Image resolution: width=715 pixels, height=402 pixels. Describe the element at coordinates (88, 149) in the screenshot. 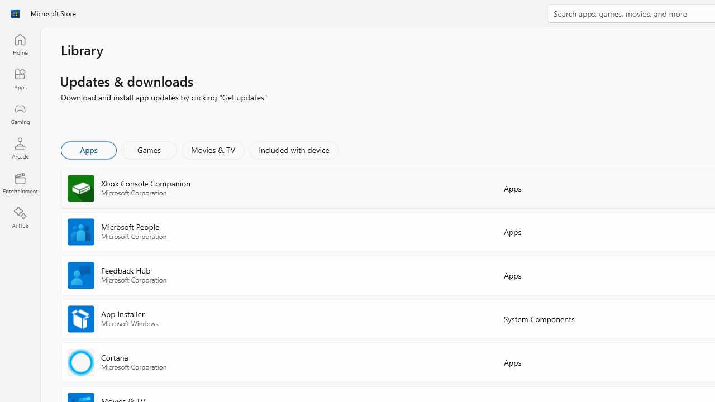

I see `'Apps'` at that location.